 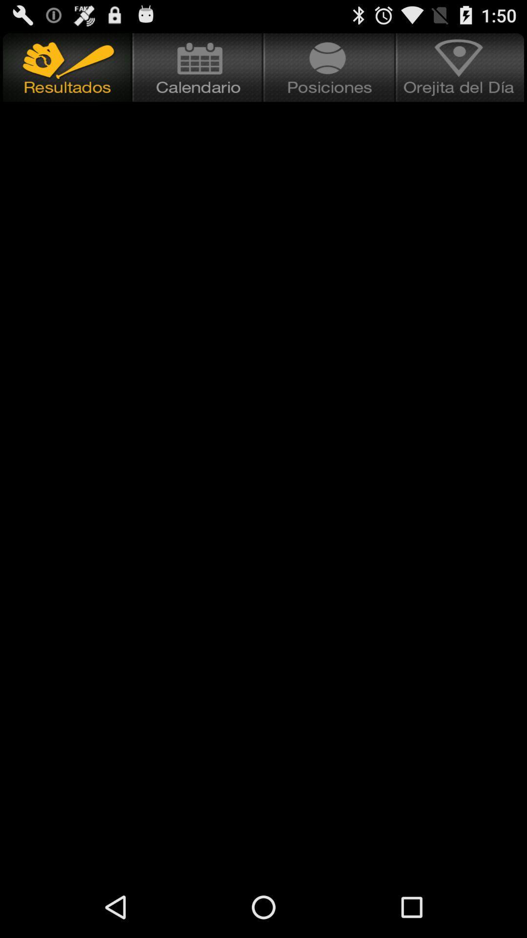 What do you see at coordinates (329, 67) in the screenshot?
I see `posiciones` at bounding box center [329, 67].